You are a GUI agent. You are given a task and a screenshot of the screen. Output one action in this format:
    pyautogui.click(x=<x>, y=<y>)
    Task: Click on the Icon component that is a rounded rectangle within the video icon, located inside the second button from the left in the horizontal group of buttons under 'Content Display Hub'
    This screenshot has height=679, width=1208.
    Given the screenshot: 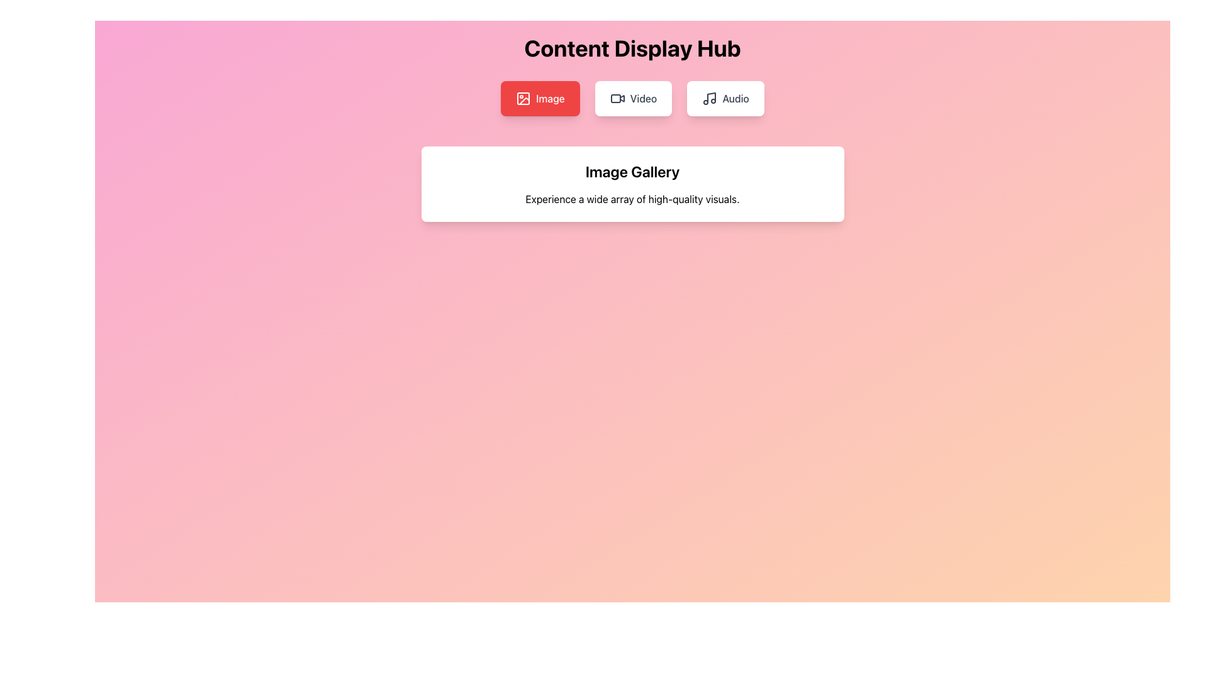 What is the action you would take?
    pyautogui.click(x=615, y=98)
    